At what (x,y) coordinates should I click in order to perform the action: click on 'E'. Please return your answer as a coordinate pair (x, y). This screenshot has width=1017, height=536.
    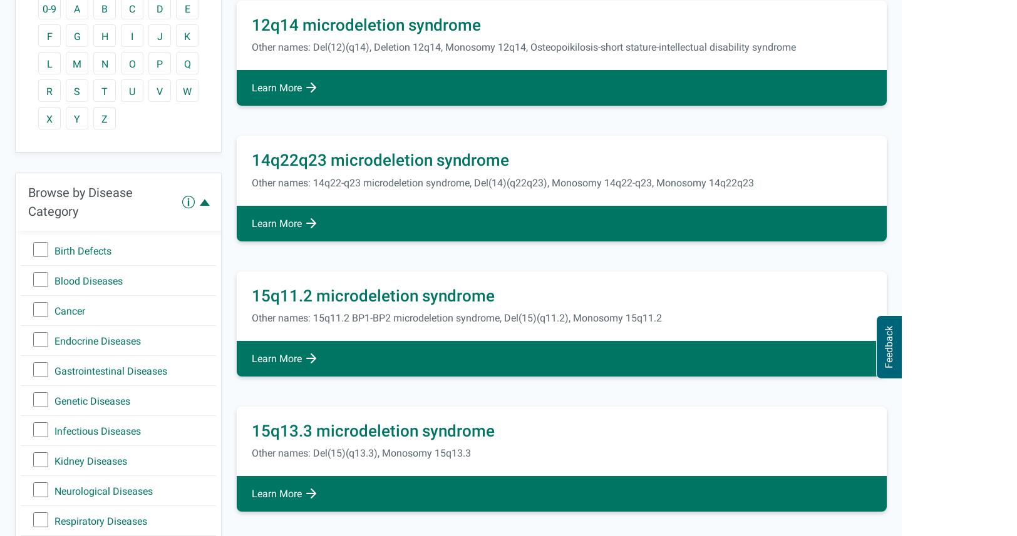
    Looking at the image, I should click on (187, 9).